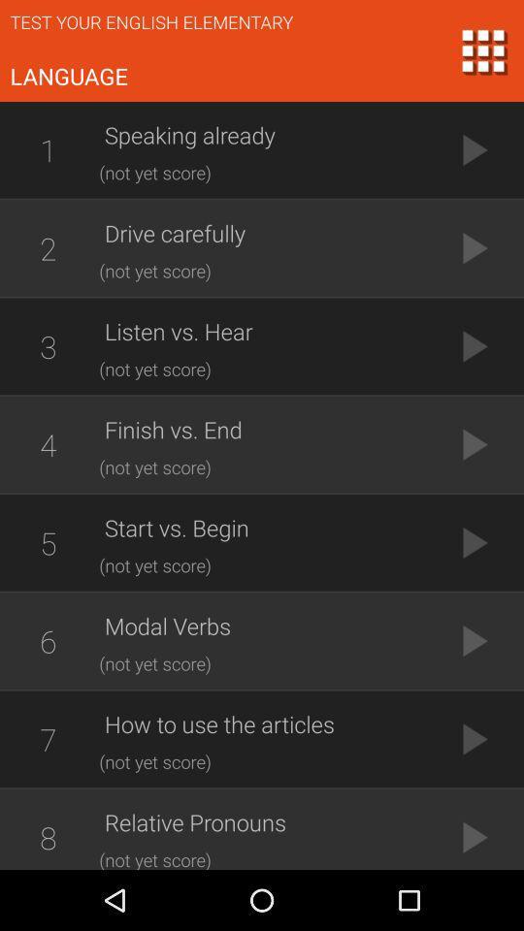  I want to click on the button which is next to the listen vs hear, so click(474, 346).